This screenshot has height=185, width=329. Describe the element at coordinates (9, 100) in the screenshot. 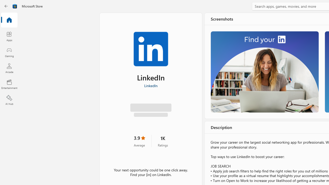

I see `'AI Hub'` at that location.